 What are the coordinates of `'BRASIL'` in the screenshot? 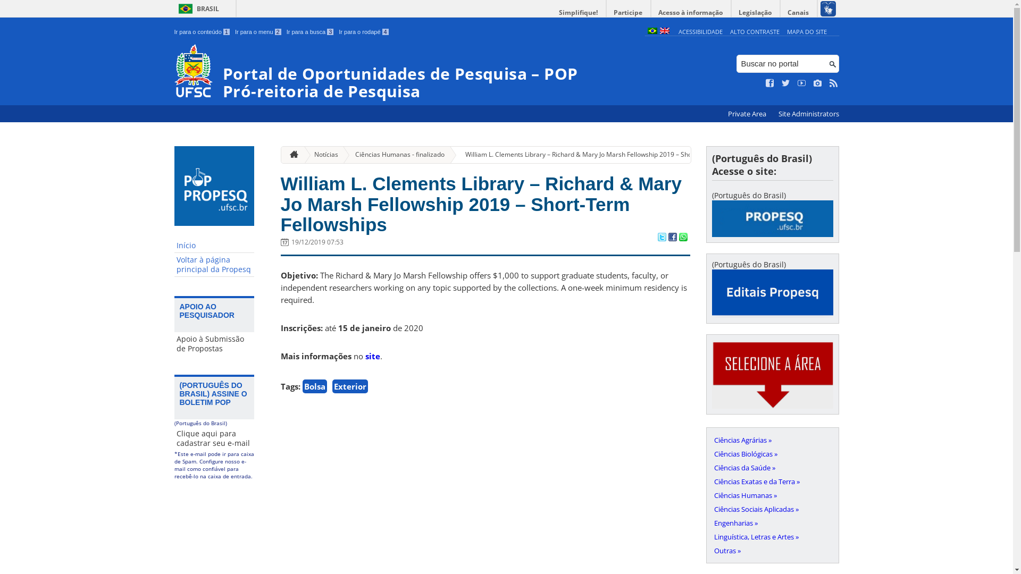 It's located at (197, 9).